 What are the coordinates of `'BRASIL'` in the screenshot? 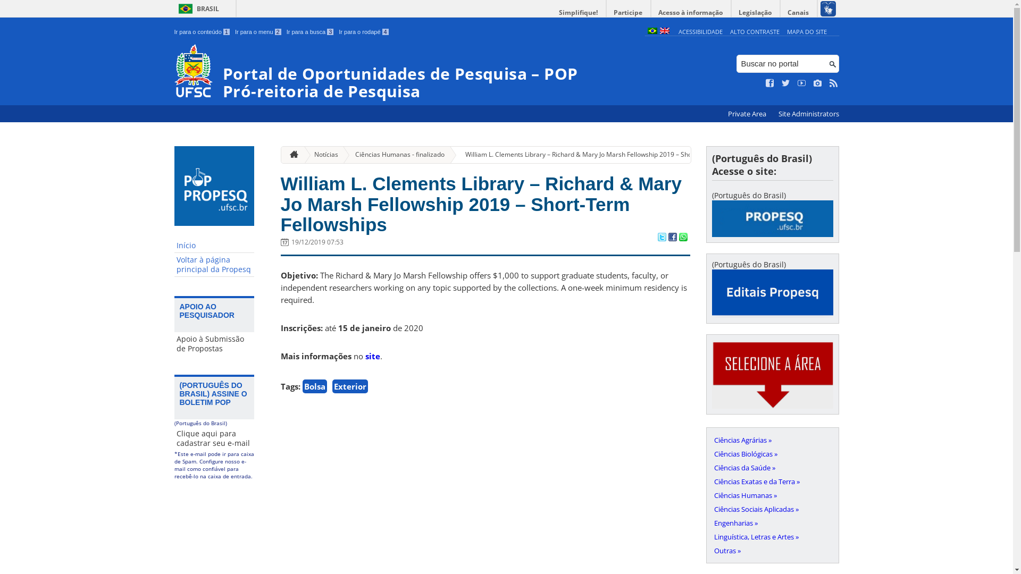 It's located at (197, 9).